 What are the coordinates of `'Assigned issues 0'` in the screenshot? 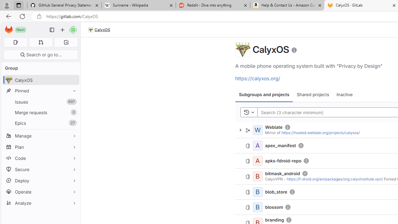 It's located at (16, 42).